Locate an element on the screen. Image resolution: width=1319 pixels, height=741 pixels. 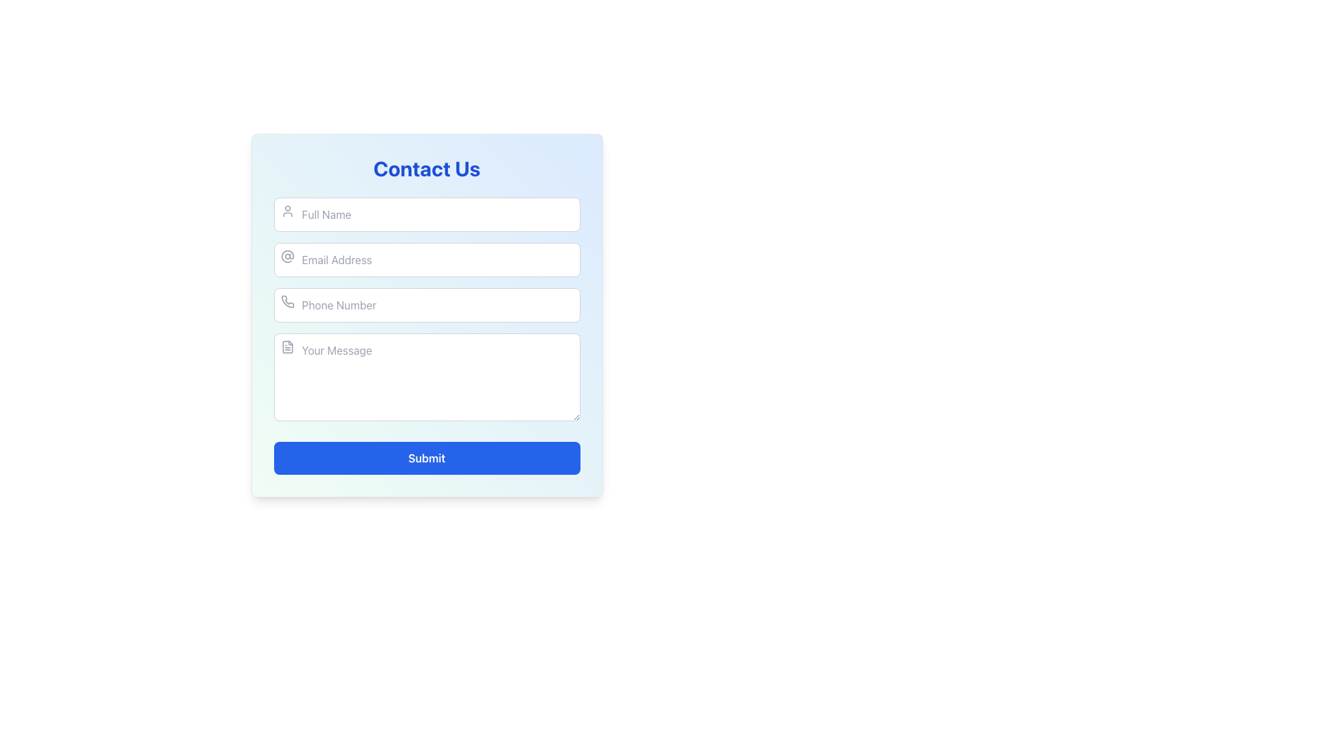
the compact, phone-shaped icon rendered in a minimalist, line-art style, which is positioned to the left of the placeholder text within the 'Phone Number' input field in the 'Contact Us' form is located at coordinates (286, 301).